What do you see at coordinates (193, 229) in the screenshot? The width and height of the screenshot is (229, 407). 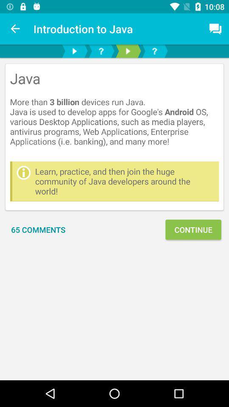 I see `item next to the 65 comments item` at bounding box center [193, 229].